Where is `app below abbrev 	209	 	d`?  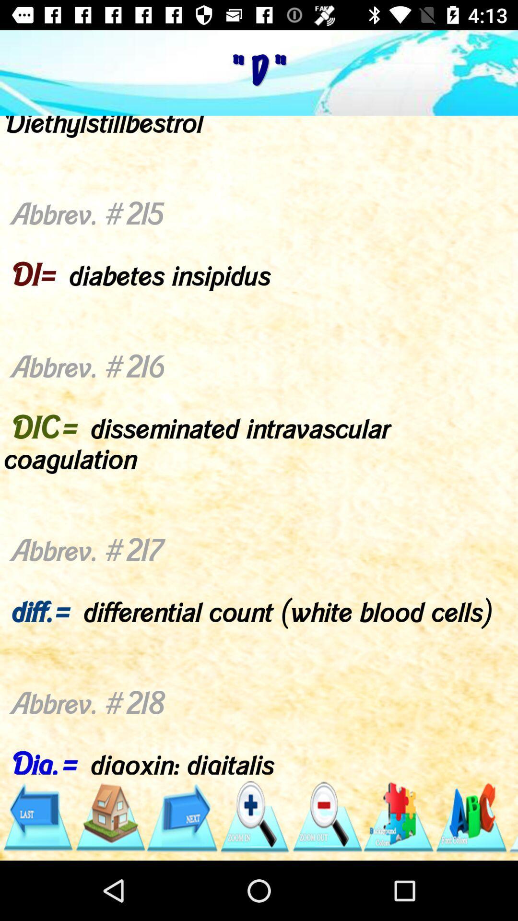
app below abbrev 	209	 	d is located at coordinates (182, 816).